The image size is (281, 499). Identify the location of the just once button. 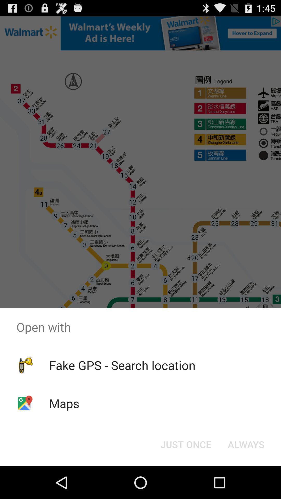
(186, 444).